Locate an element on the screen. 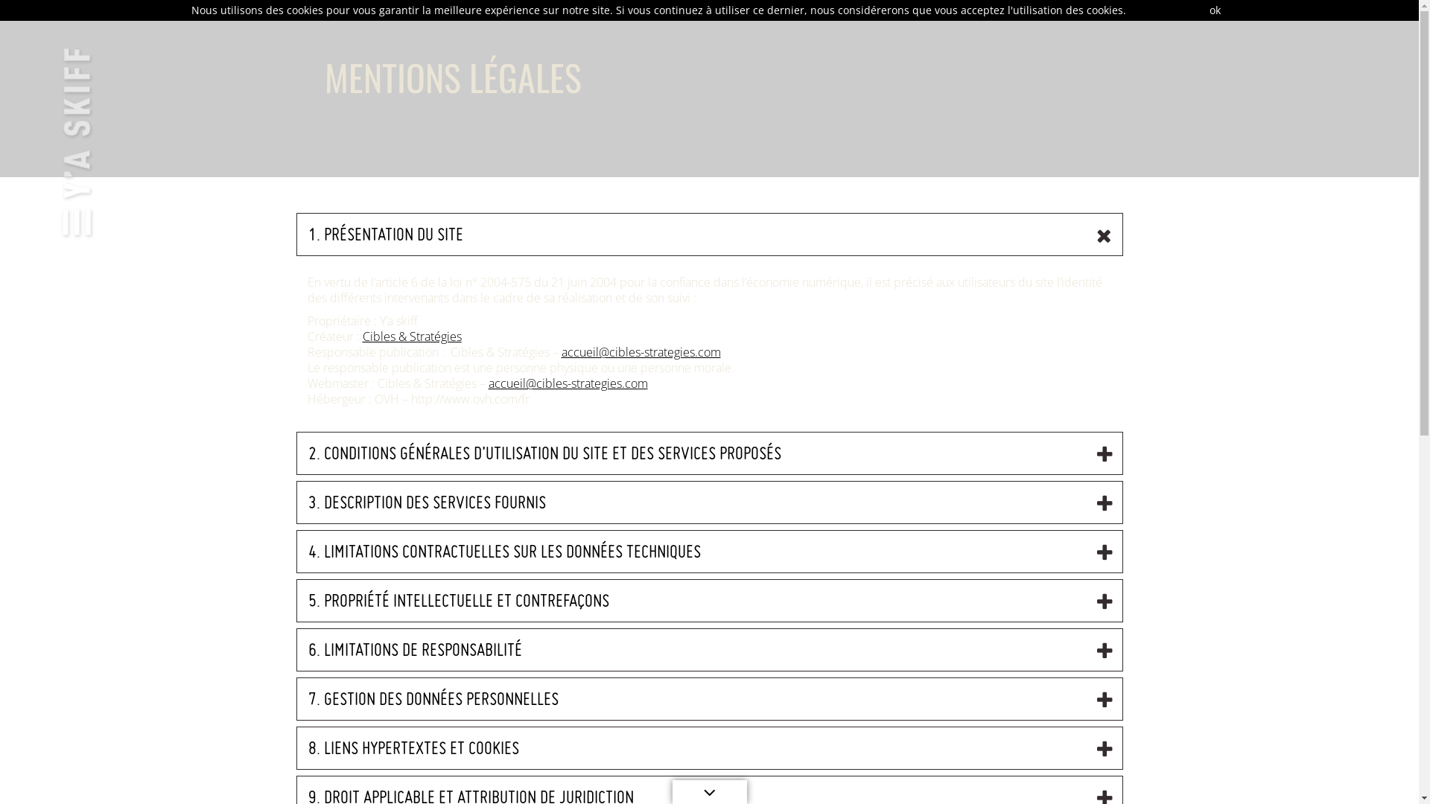 This screenshot has height=804, width=1430. 'accueil@cibles-strategies.com' is located at coordinates (568, 383).